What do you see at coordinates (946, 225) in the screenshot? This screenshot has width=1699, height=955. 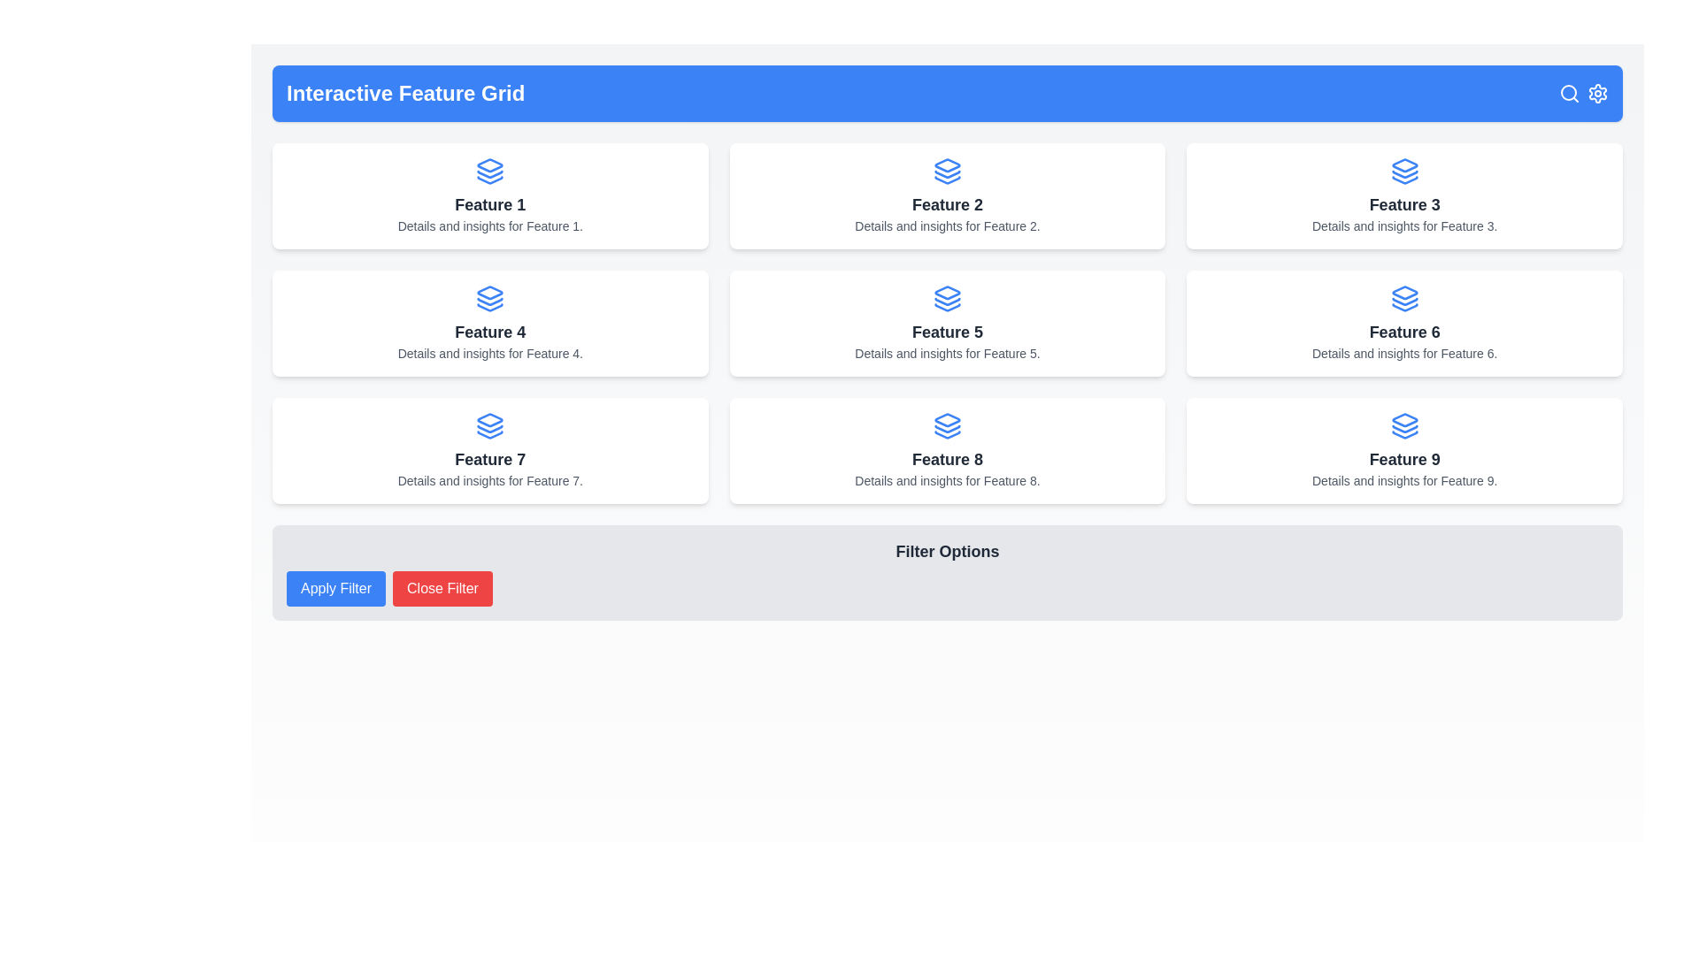 I see `the descriptive text label located beneath the bold title 'Feature 2' in the second column of the first row in the grid layout` at bounding box center [946, 225].